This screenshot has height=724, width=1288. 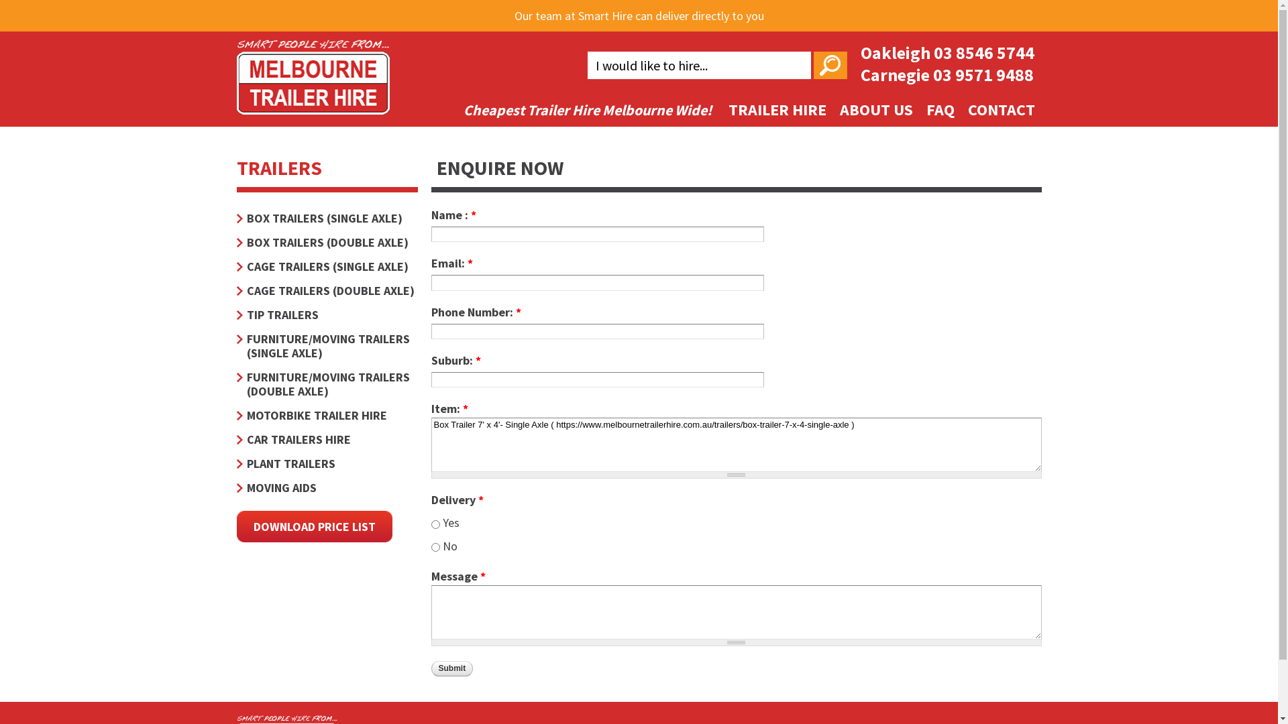 I want to click on 'BOX TRAILERS (SINGLE AXLE)', so click(x=326, y=217).